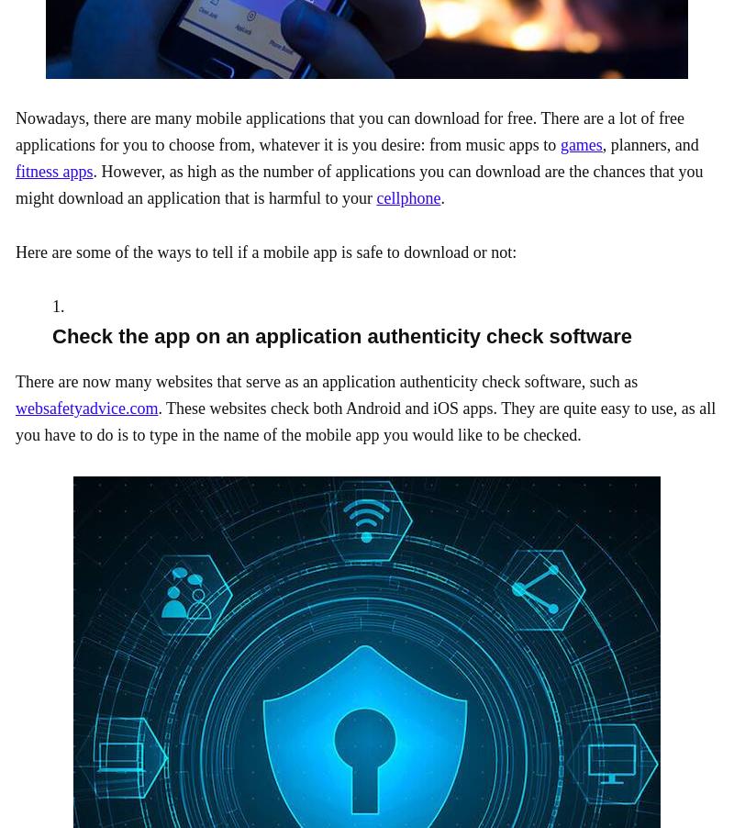 This screenshot has width=734, height=828. I want to click on 'New Sony Xperia Phones', so click(86, 764).